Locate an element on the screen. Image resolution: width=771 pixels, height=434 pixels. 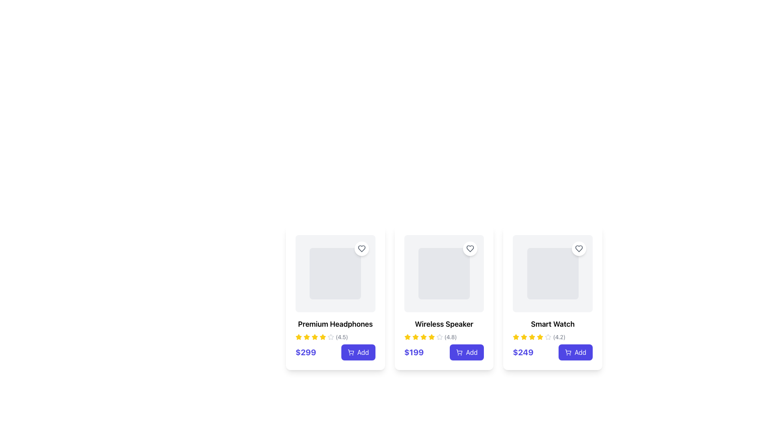
the shopping cart icon which is part of an SVG element located at the bottom part of a card, positioned beside a blue button labeled 'Add' is located at coordinates (459, 351).